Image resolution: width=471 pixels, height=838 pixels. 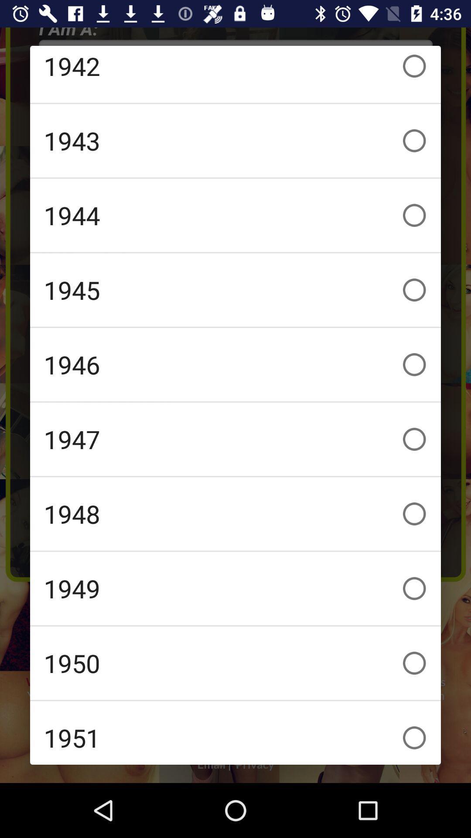 What do you see at coordinates (235, 290) in the screenshot?
I see `the checkbox below 1944 item` at bounding box center [235, 290].